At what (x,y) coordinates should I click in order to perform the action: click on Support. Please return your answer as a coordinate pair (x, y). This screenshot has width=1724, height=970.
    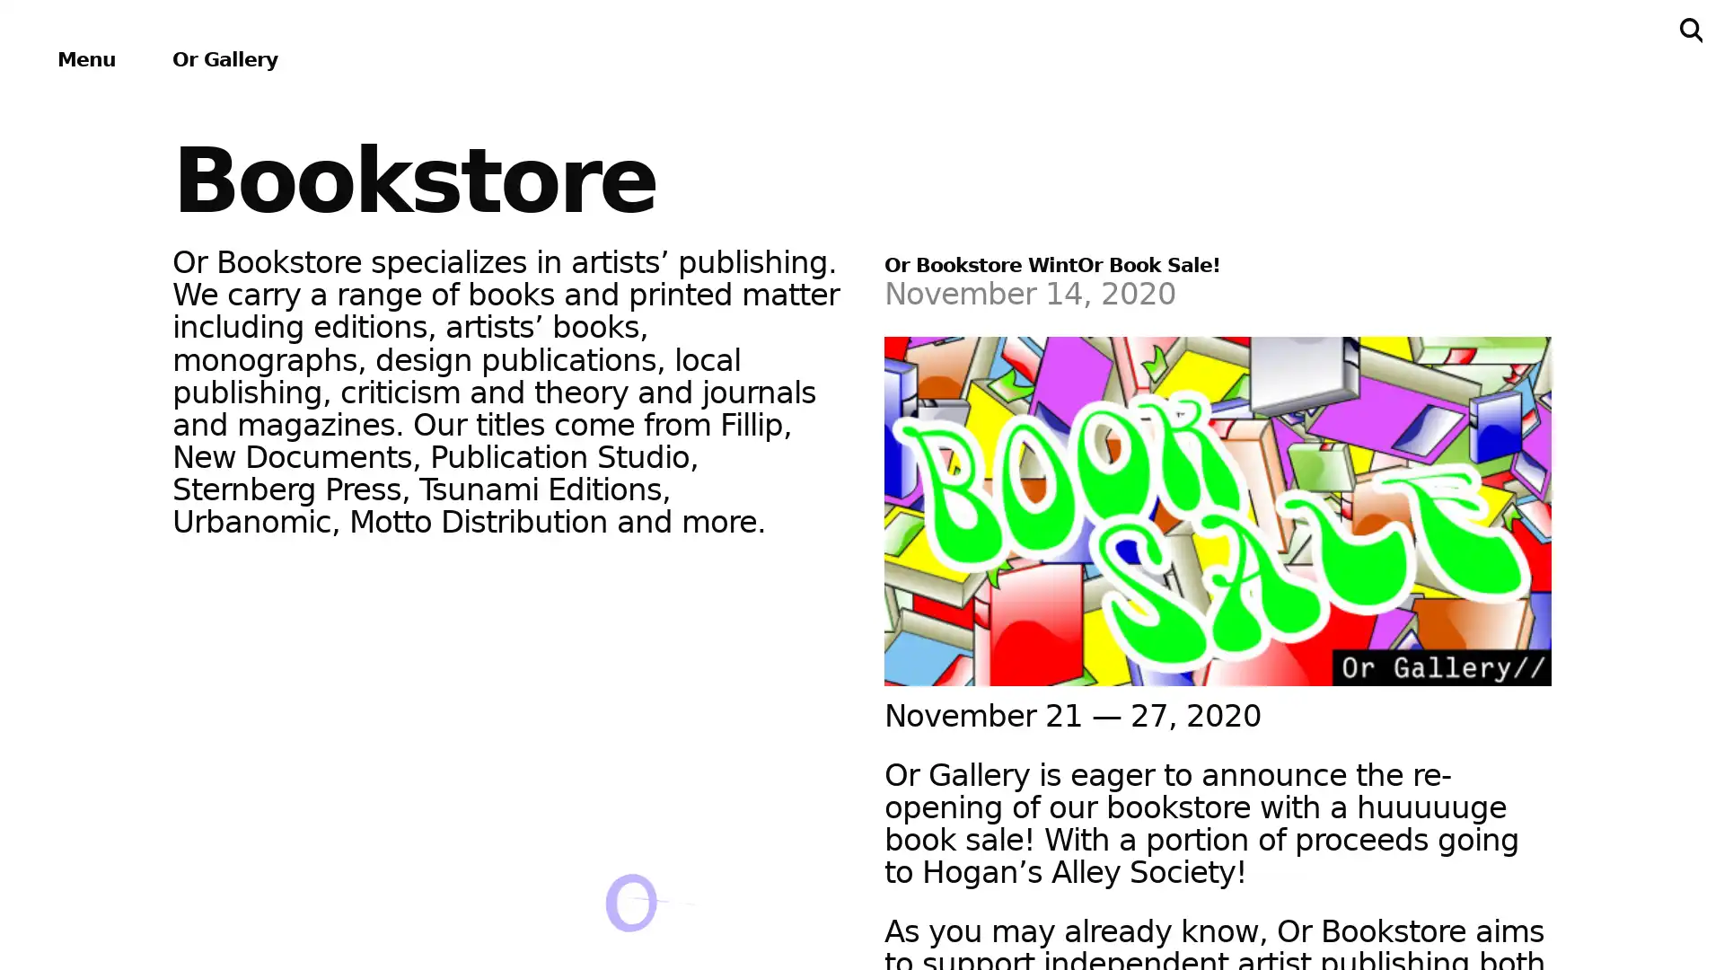
    Looking at the image, I should click on (390, 796).